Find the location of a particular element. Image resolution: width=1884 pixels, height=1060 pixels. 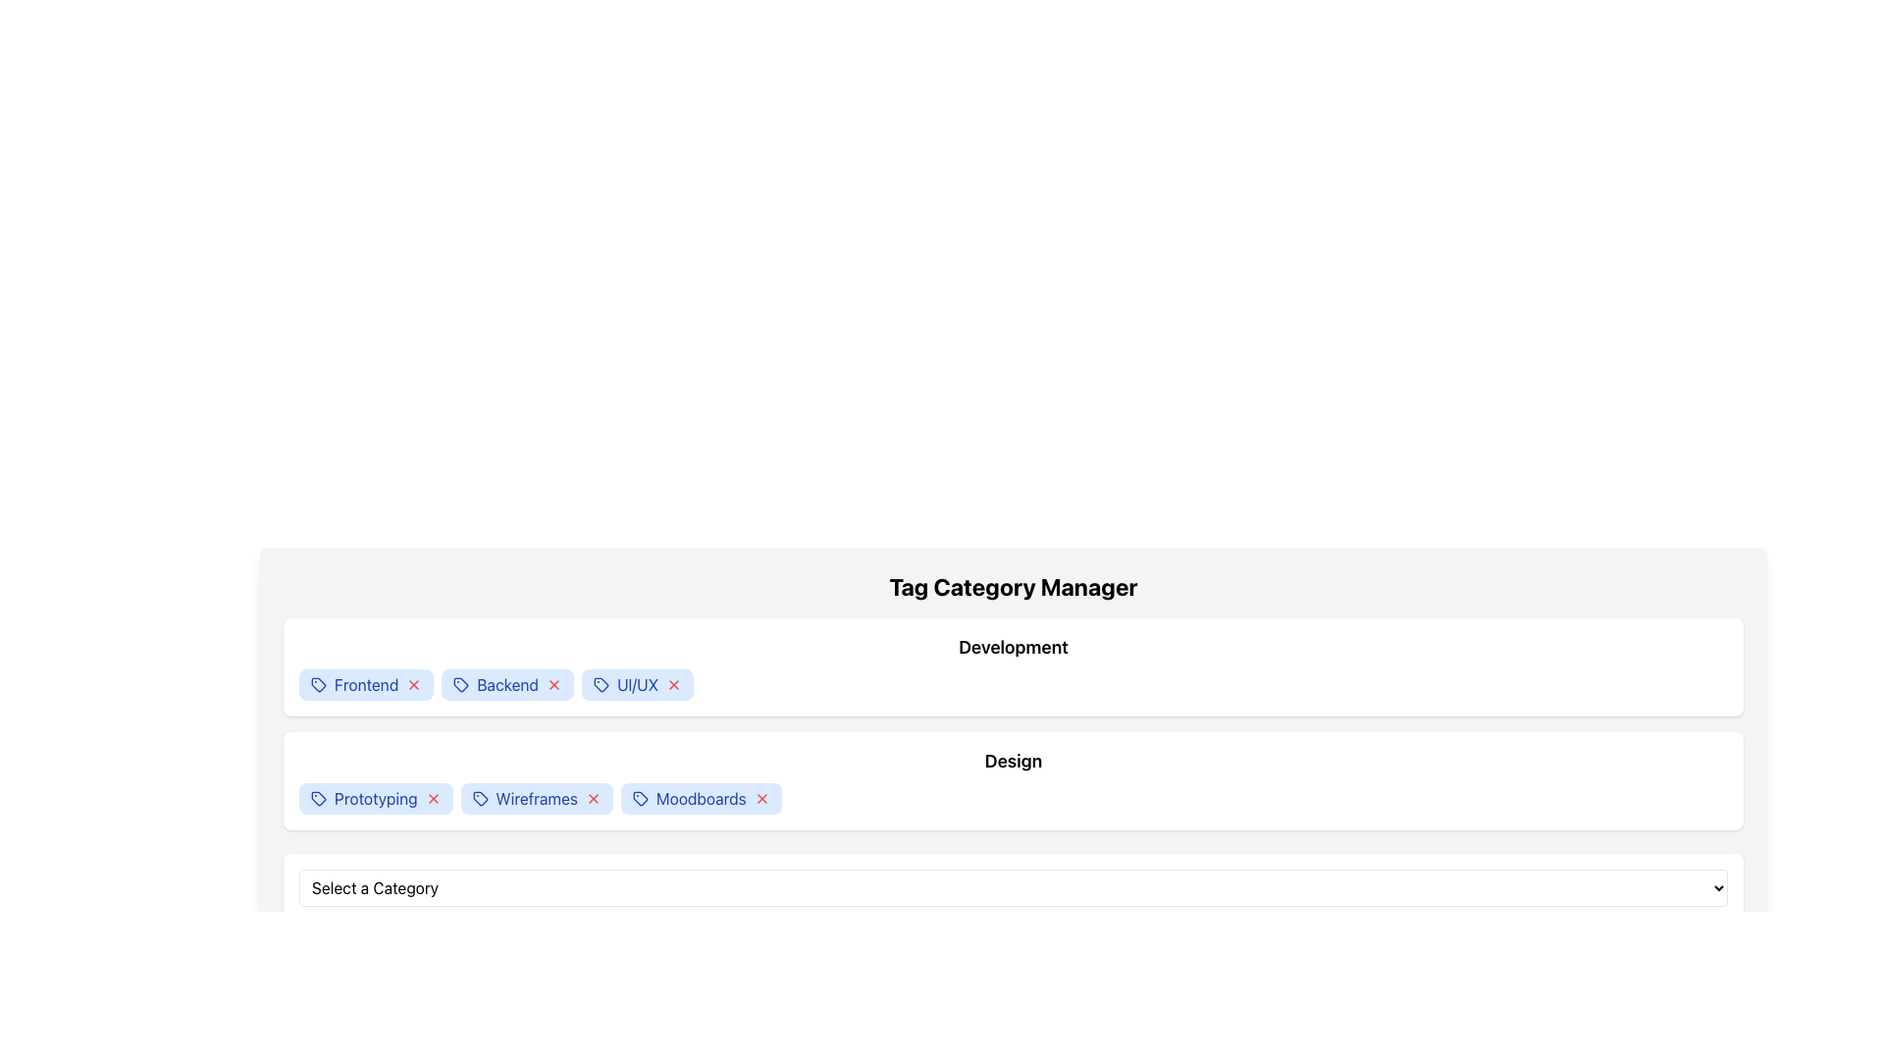

the Icon button located to the right of the 'Moodboards' text within the rounded blue tag is located at coordinates (760, 798).